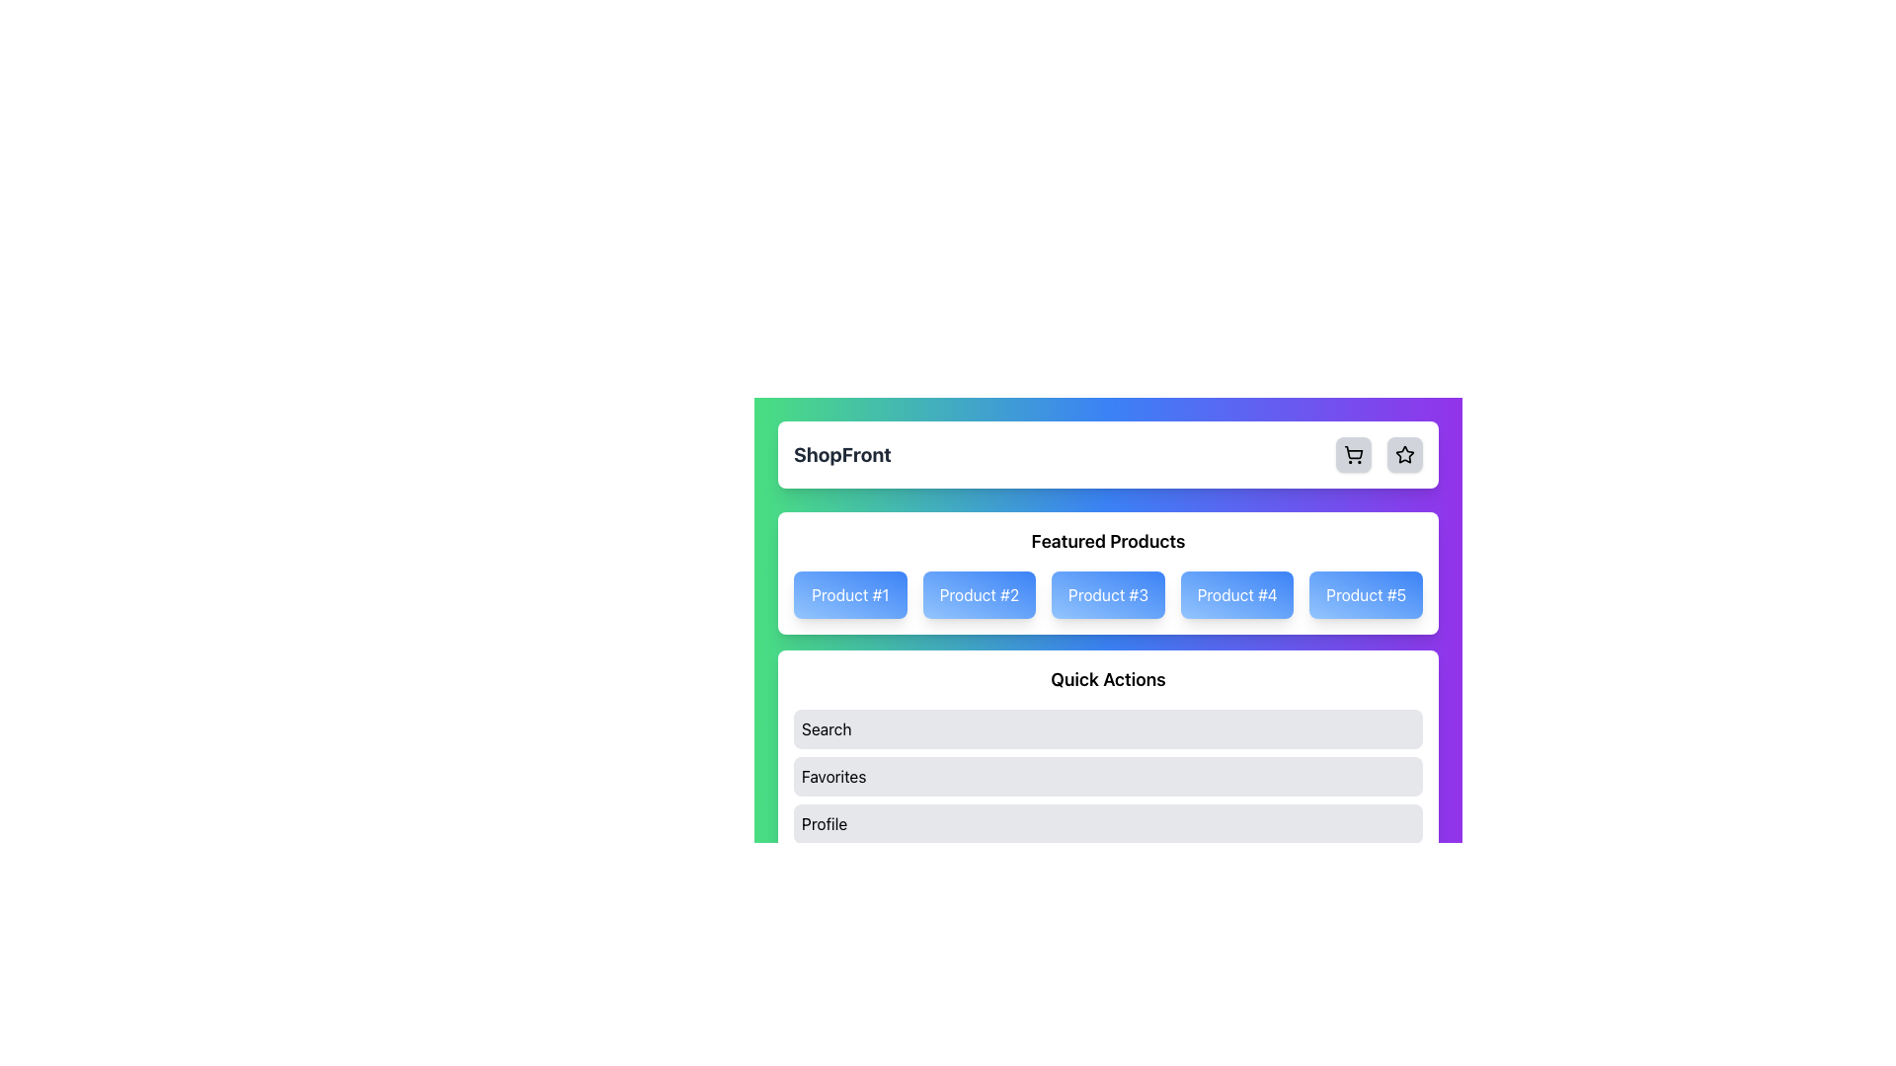 This screenshot has height=1066, width=1896. I want to click on the static text label that serves as a title or category indicator for the product items listed below it, located at the top of the group of clickable product links, so click(1108, 541).